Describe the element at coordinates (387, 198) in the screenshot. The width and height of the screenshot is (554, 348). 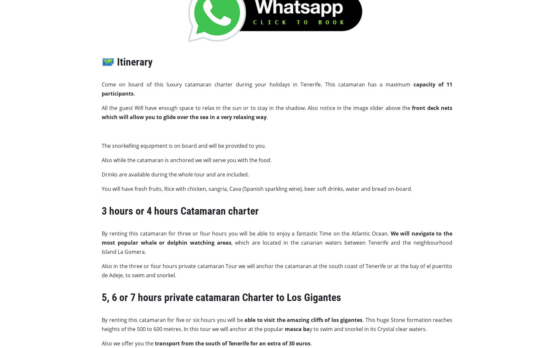
I see `'Cookie Policy'` at that location.